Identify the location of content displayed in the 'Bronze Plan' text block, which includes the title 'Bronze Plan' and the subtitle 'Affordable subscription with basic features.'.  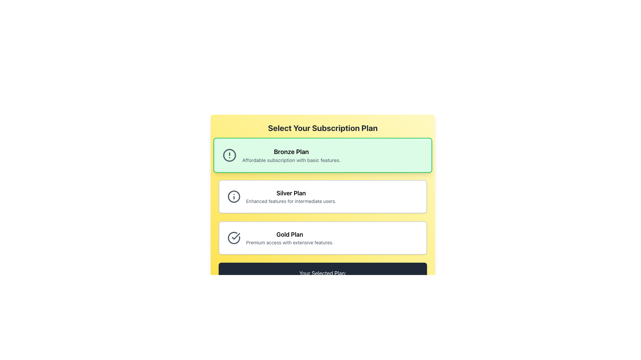
(291, 155).